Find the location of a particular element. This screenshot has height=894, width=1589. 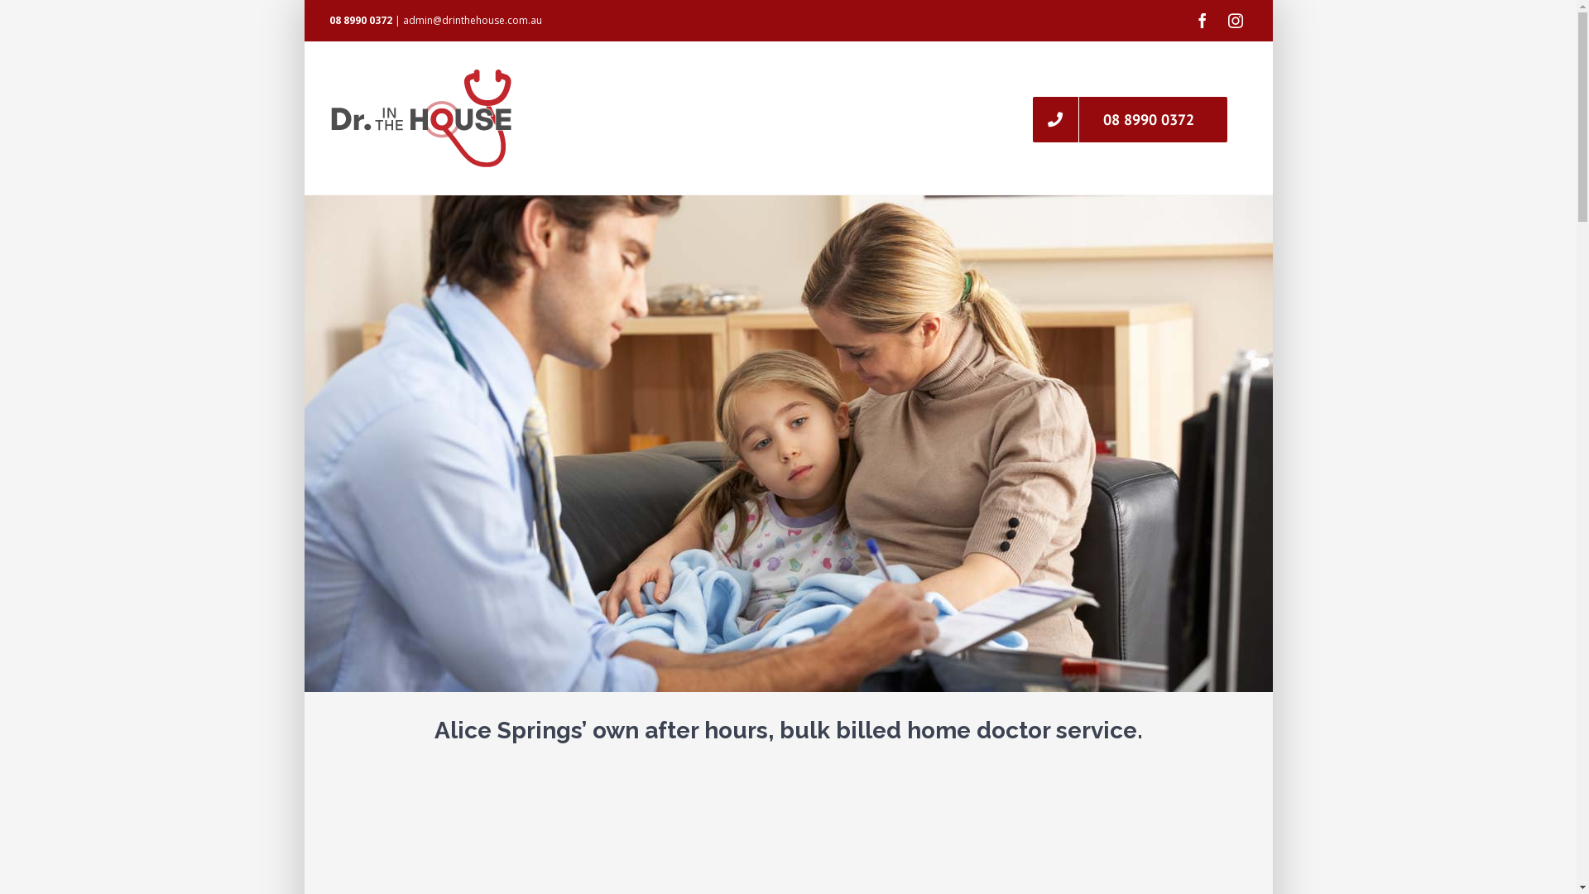

'Instagram' is located at coordinates (1235, 20).